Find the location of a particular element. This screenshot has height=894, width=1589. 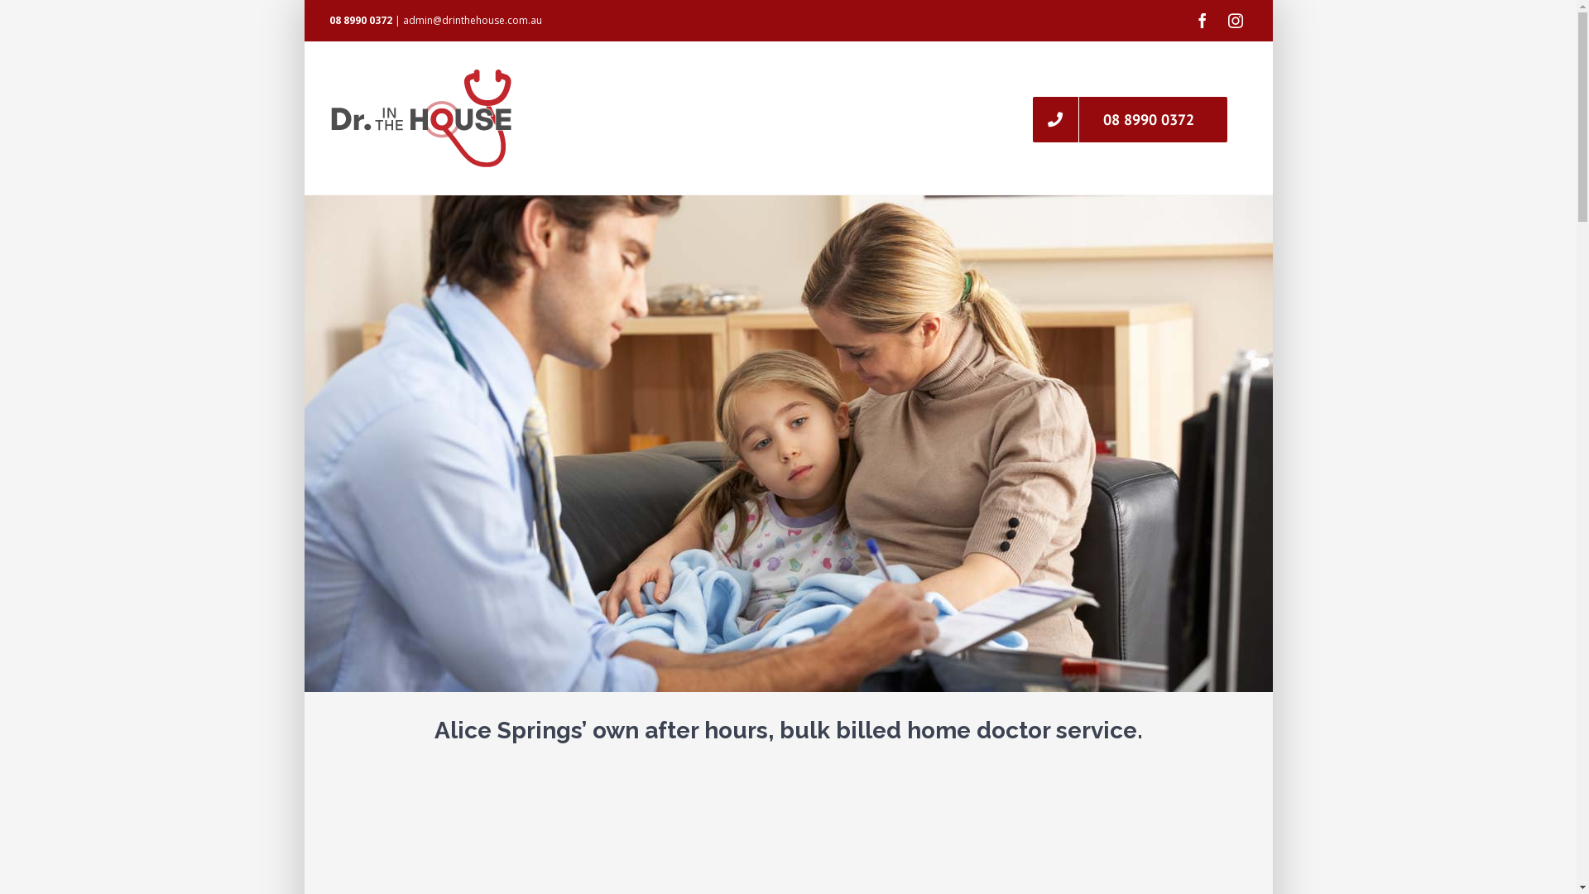

'Instagram' is located at coordinates (1235, 20).